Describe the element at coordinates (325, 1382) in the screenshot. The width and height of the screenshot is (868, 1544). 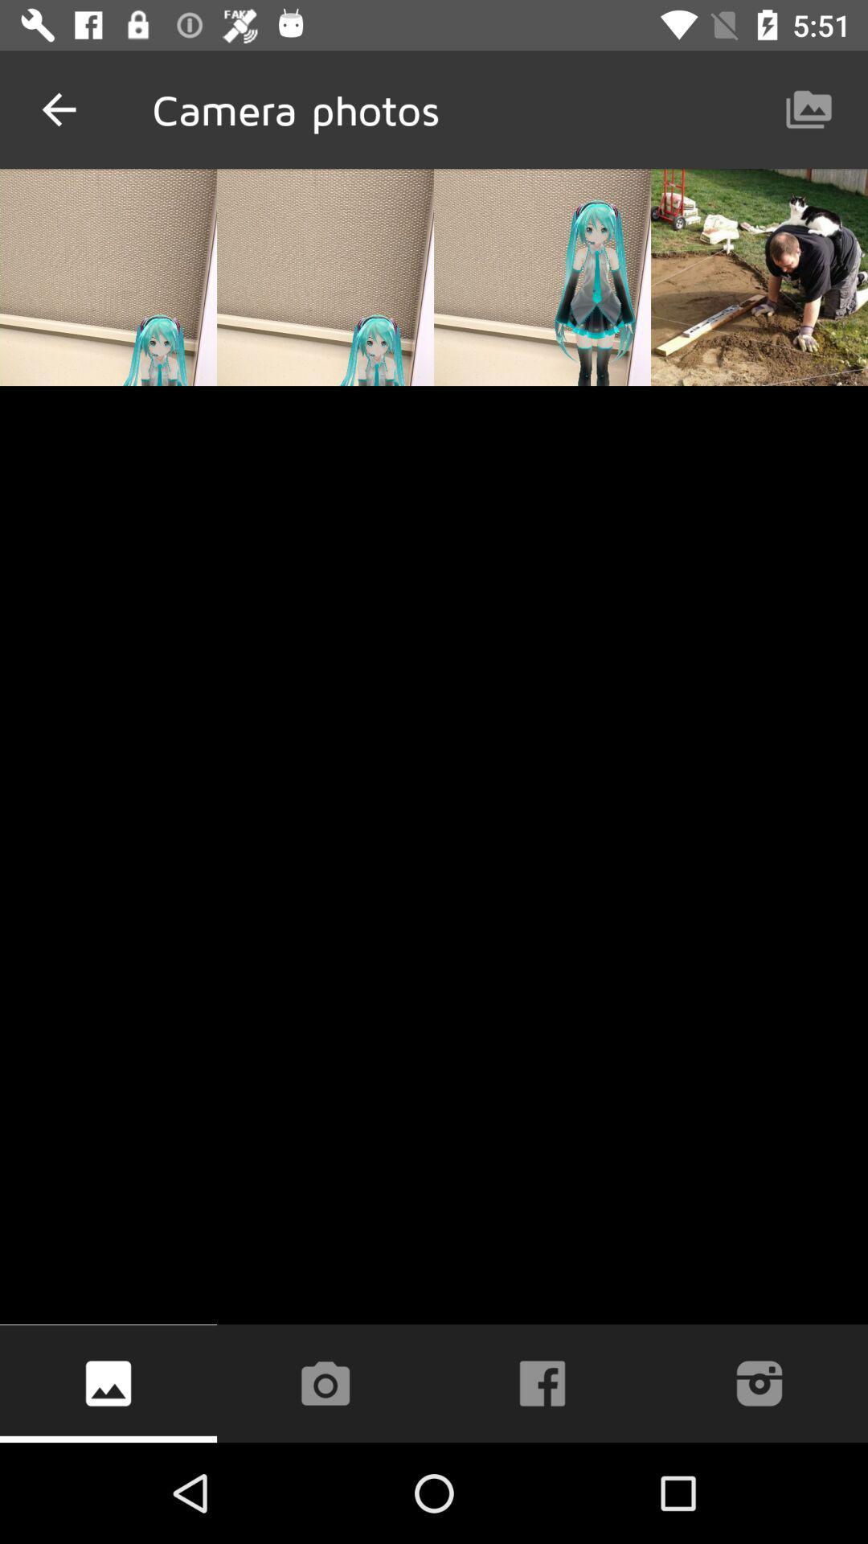
I see `the photo icon` at that location.